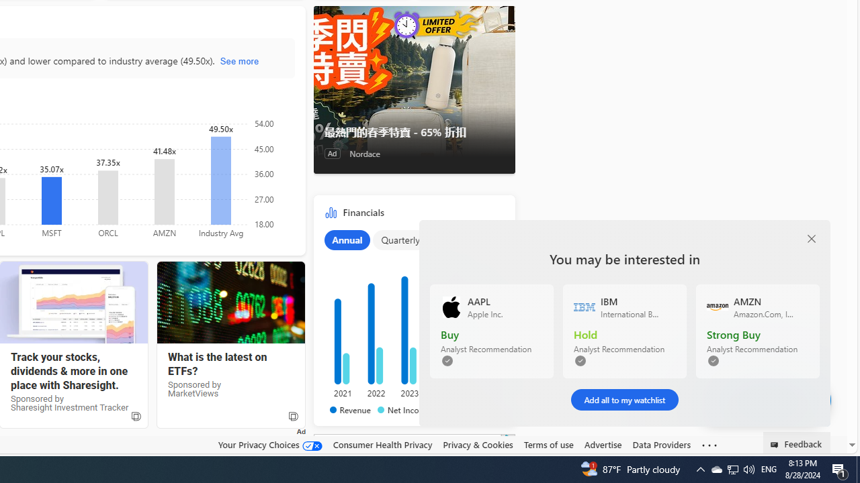 The height and width of the screenshot is (483, 860). I want to click on 'Quarterly', so click(400, 239).